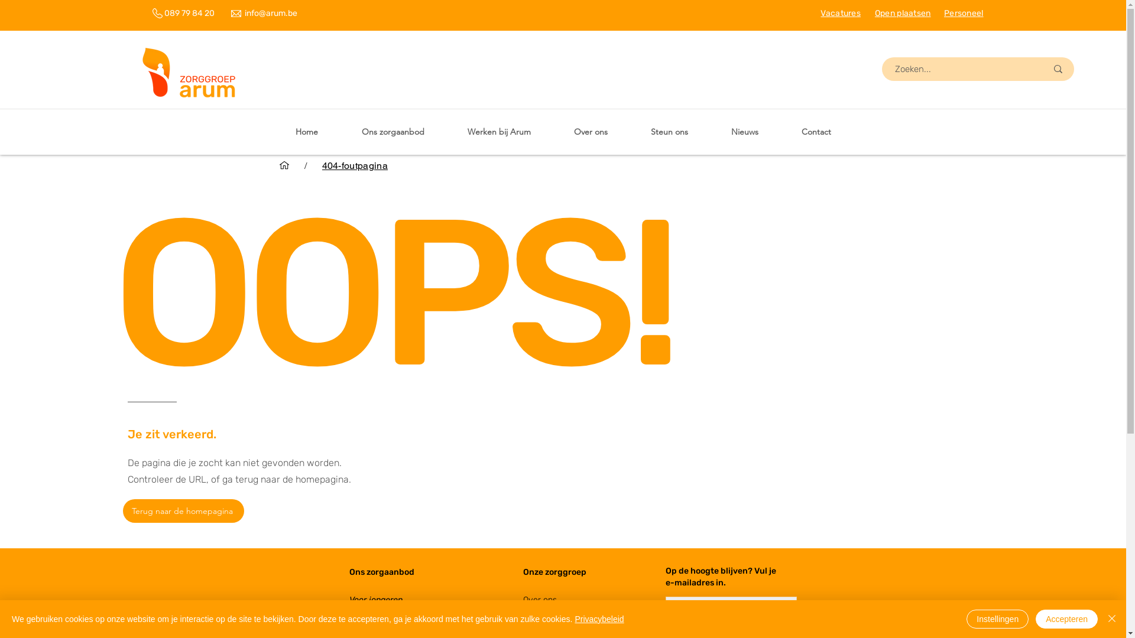 The width and height of the screenshot is (1135, 638). Describe the element at coordinates (361, 613) in the screenshot. I see `'Verblijf'` at that location.